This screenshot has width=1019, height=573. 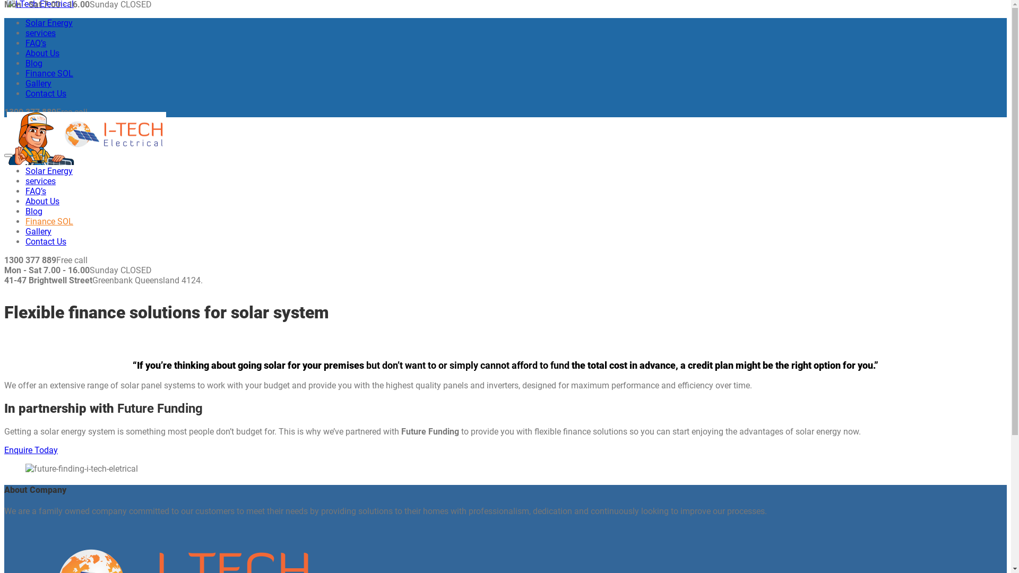 I want to click on 'Finance SOL', so click(x=48, y=73).